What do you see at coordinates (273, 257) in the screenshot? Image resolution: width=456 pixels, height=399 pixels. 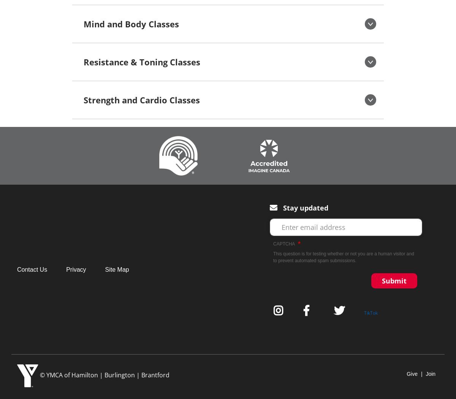 I see `'This question is for testing whether or not you are a human visitor and to prevent automated spam submissions.'` at bounding box center [273, 257].